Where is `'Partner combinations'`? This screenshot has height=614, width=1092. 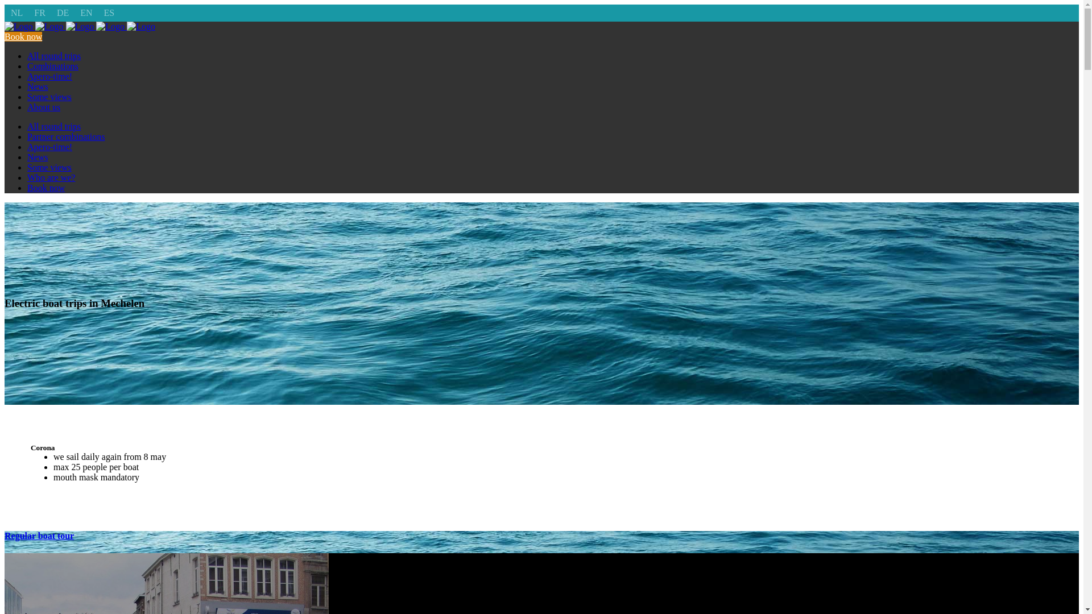
'Partner combinations' is located at coordinates (65, 136).